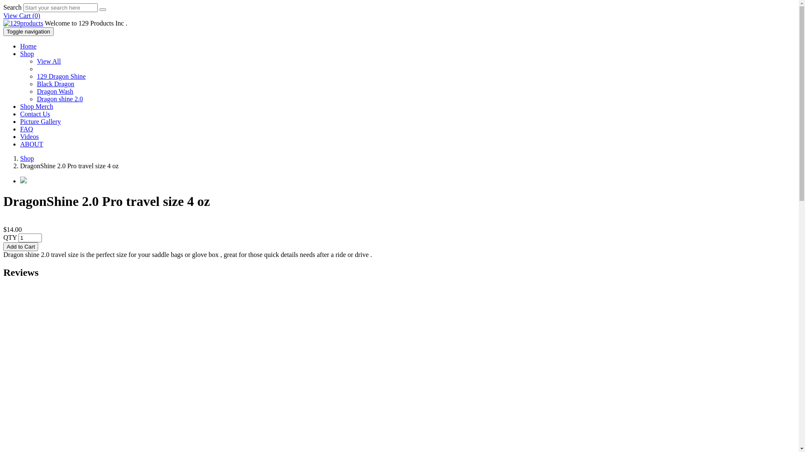  I want to click on 'Toggle navigation', so click(3, 31).